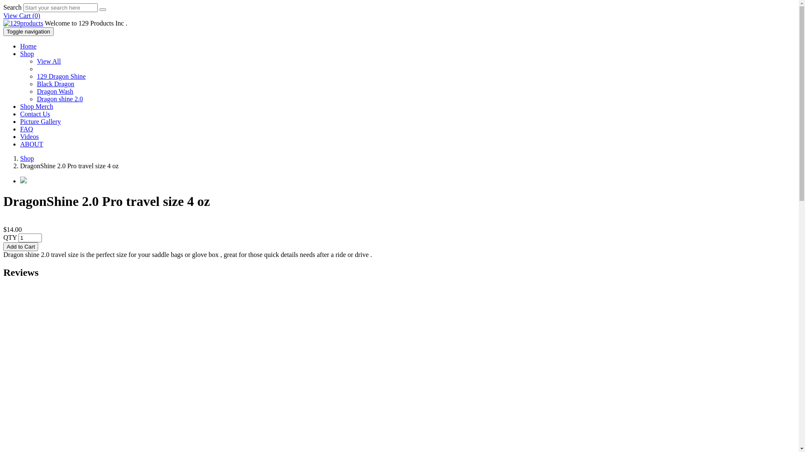  I want to click on 'Toggle navigation', so click(3, 31).